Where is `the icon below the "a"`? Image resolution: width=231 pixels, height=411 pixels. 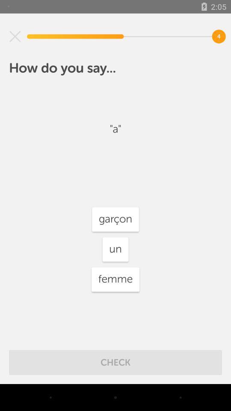
the icon below the "a" is located at coordinates (115, 219).